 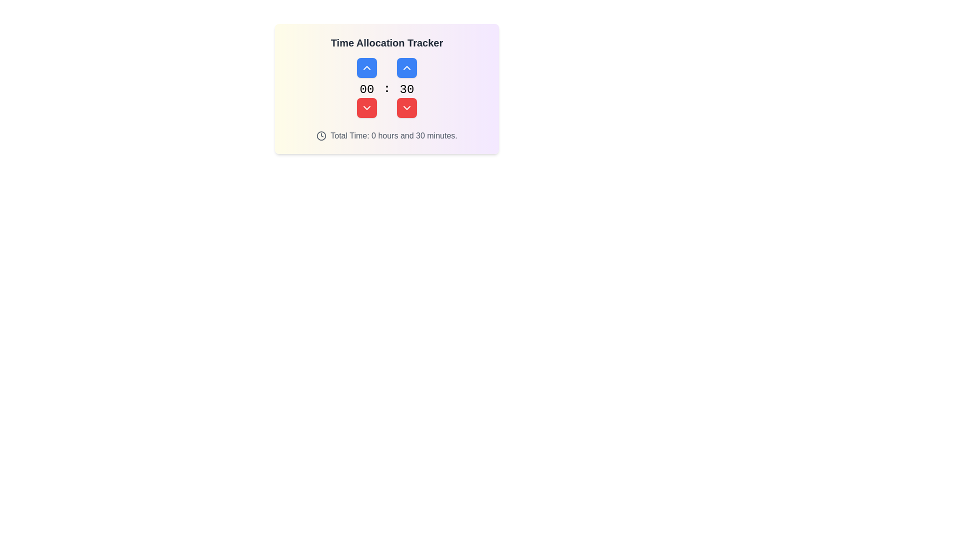 What do you see at coordinates (407, 108) in the screenshot?
I see `the dropdown icon within the red circular button located in the lower right corner of the 'Time Allocation Tracker' card` at bounding box center [407, 108].